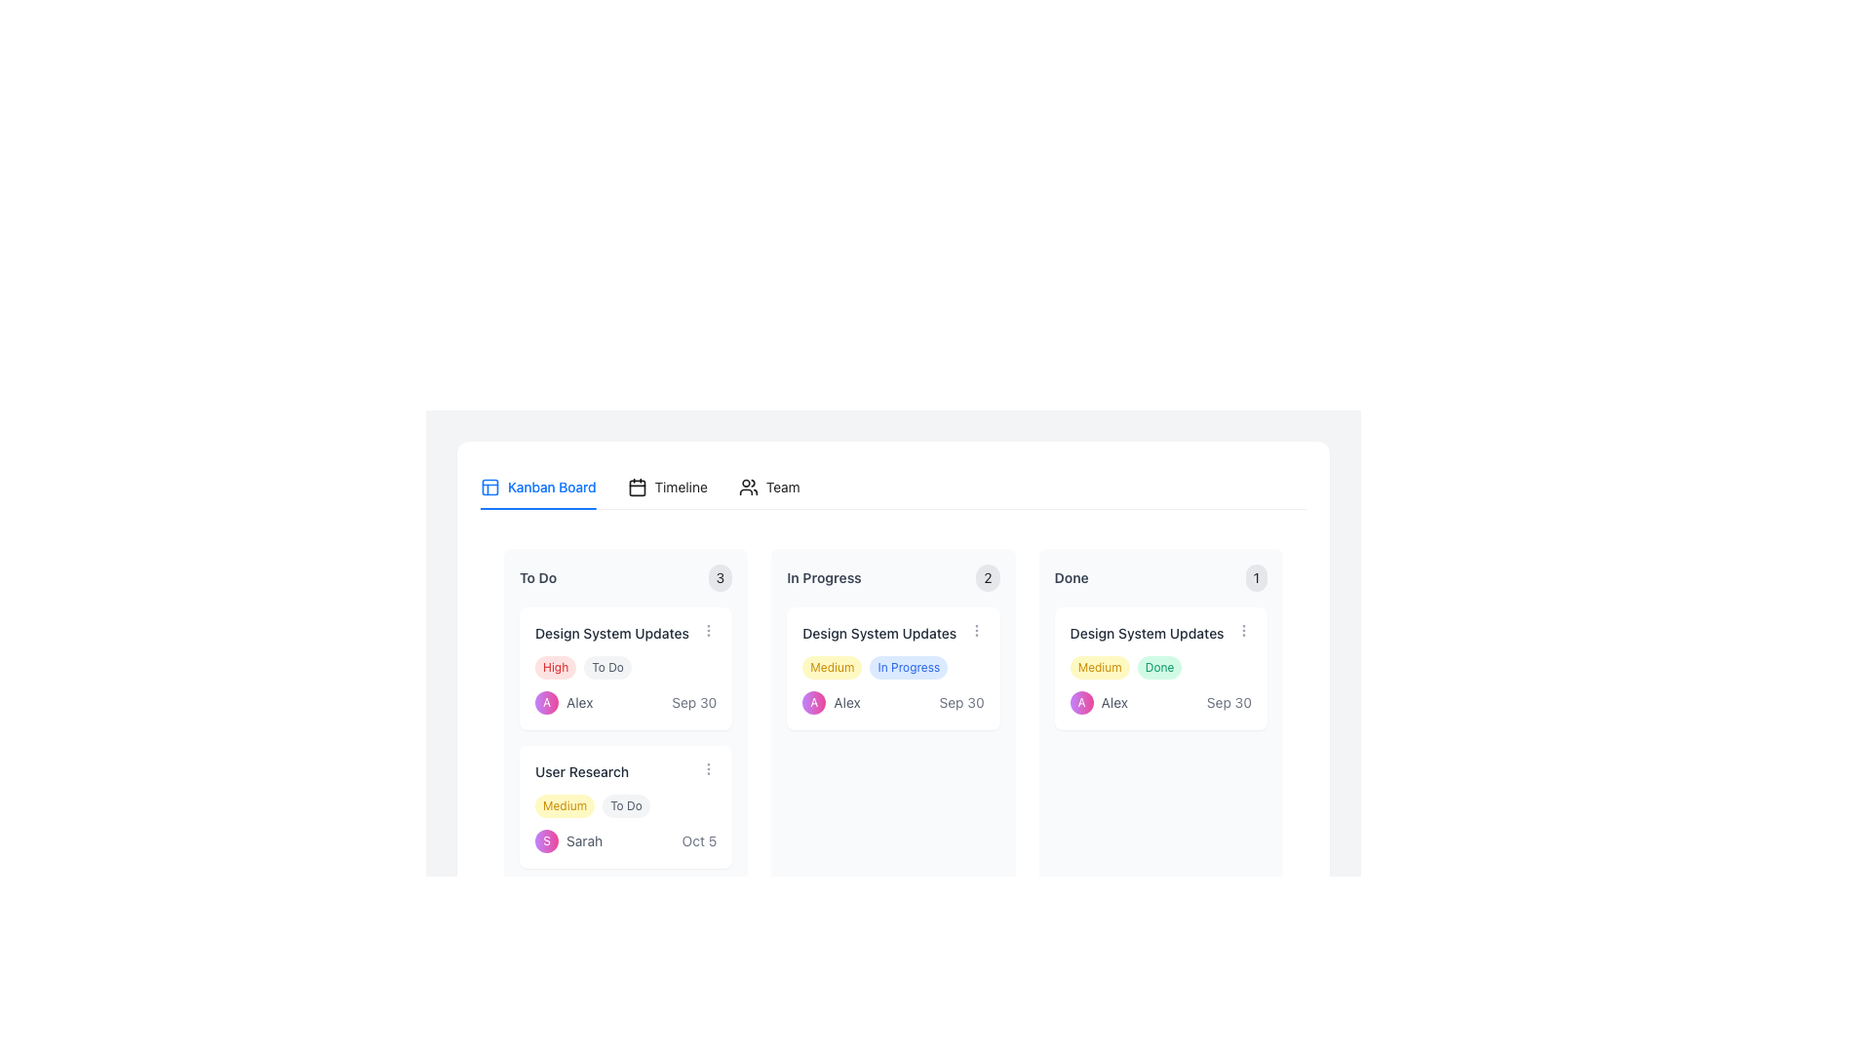 The width and height of the screenshot is (1872, 1053). What do you see at coordinates (563, 703) in the screenshot?
I see `the user identification tag for the task owner 'Alex'` at bounding box center [563, 703].